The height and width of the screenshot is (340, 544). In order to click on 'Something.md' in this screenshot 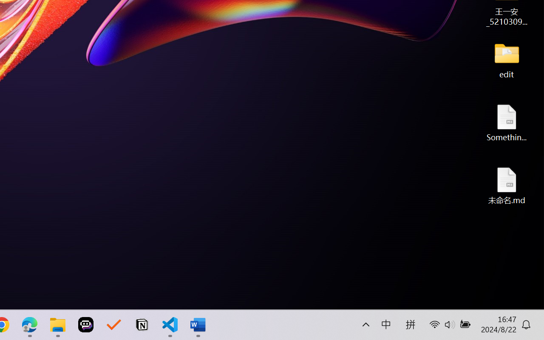, I will do `click(507, 122)`.